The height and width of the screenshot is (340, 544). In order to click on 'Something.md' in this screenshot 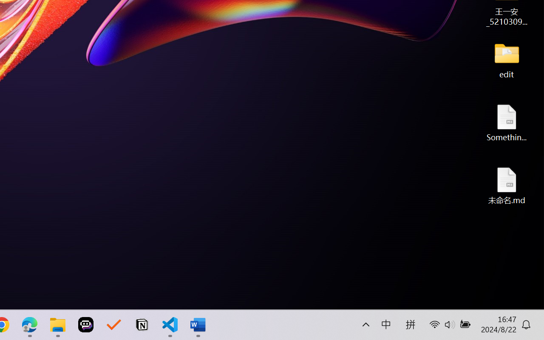, I will do `click(507, 122)`.